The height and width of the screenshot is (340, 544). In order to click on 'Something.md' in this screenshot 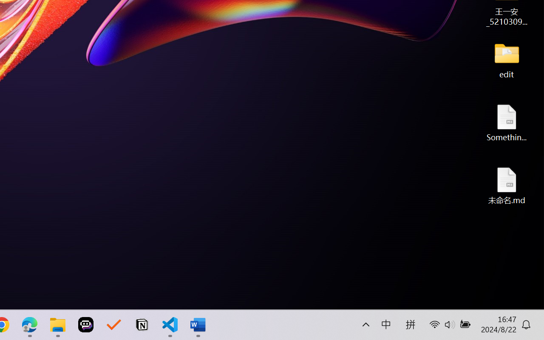, I will do `click(507, 122)`.